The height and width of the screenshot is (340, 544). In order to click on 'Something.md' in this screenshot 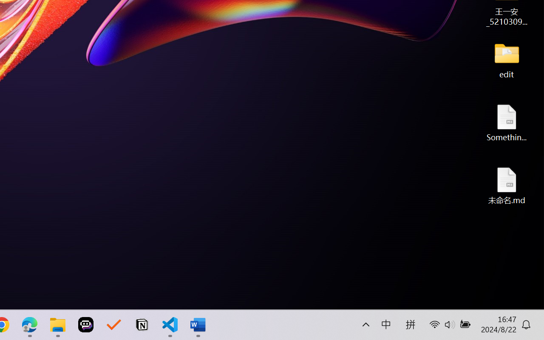, I will do `click(507, 122)`.